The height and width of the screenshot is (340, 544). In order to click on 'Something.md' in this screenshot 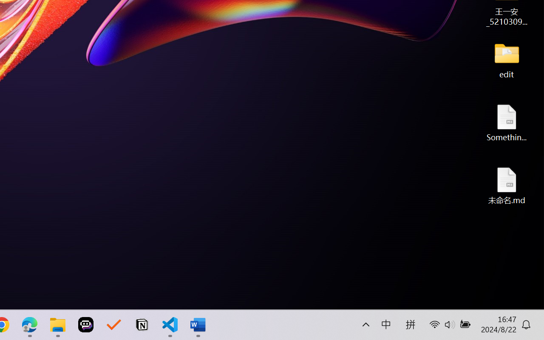, I will do `click(507, 122)`.